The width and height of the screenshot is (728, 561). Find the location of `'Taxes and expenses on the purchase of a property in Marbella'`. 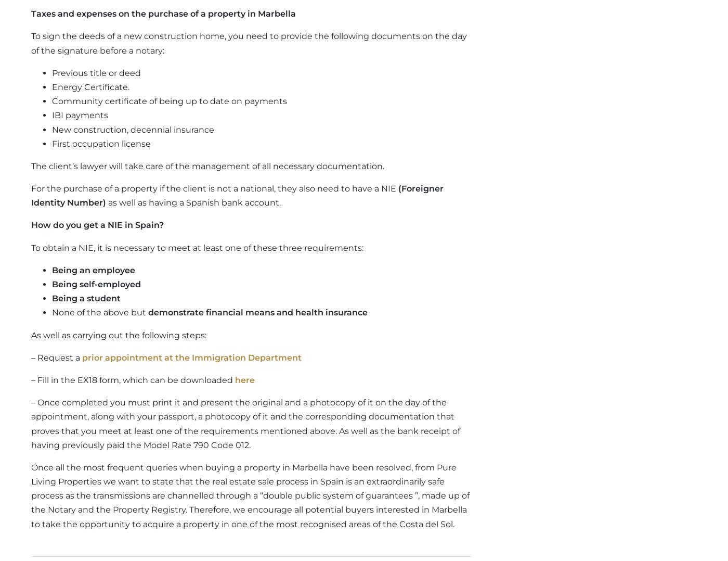

'Taxes and expenses on the purchase of a property in Marbella' is located at coordinates (163, 13).